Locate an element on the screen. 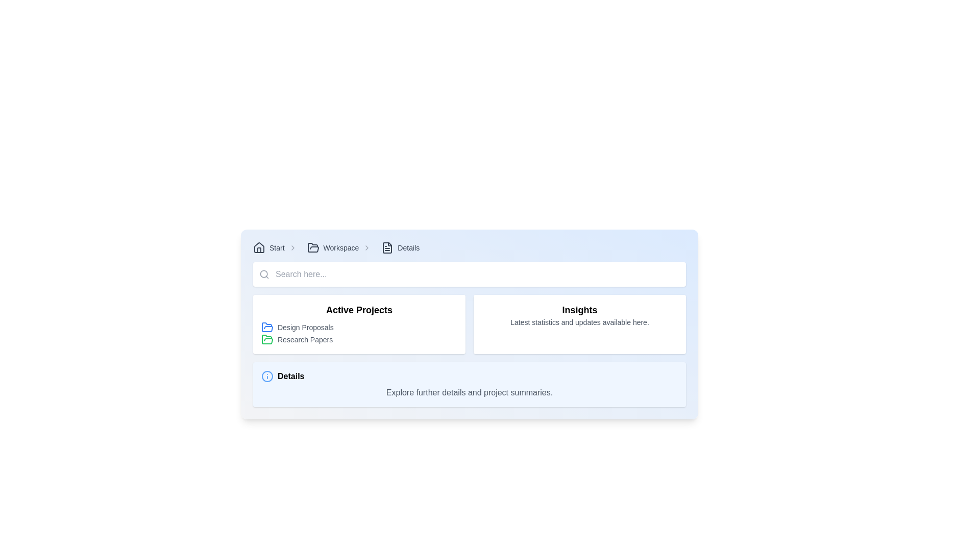  the fourth navigation link under the breadcrumb navigation, located to the right of the 'Workspace' label is located at coordinates (400, 248).